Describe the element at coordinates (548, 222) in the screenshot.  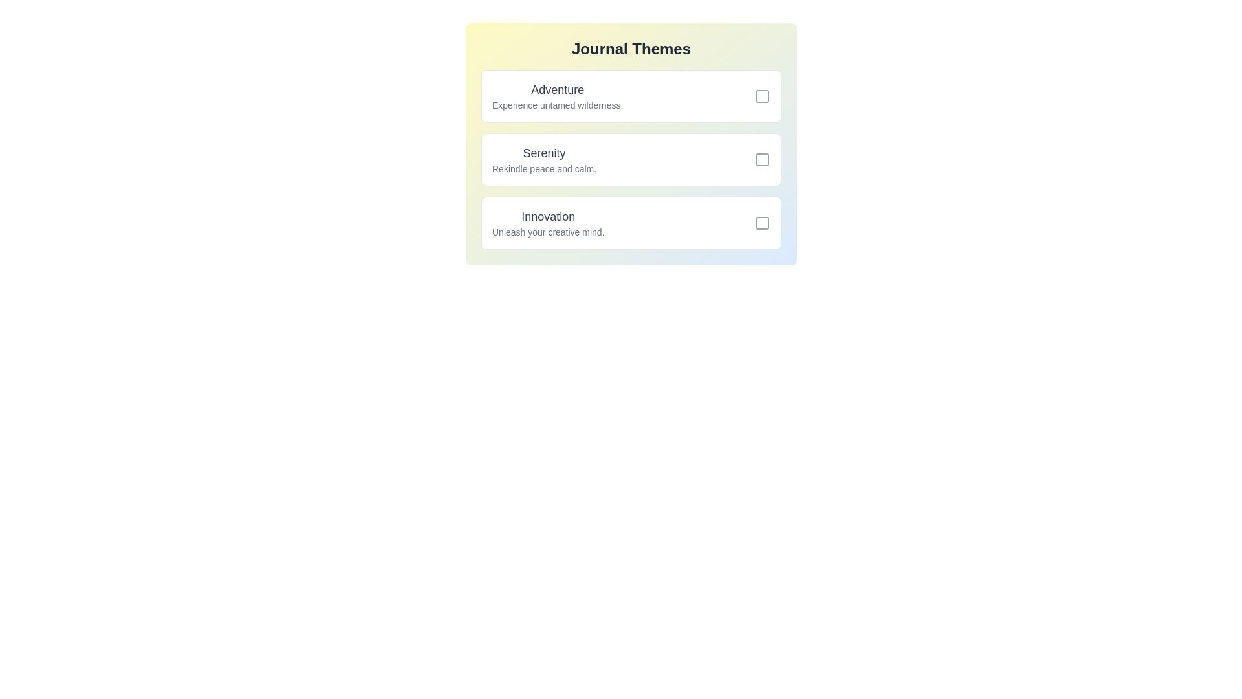
I see `text block titled 'Innovation' which contains the description 'Unleash your creative mind.' positioned in the 'Journal Themes' section` at that location.